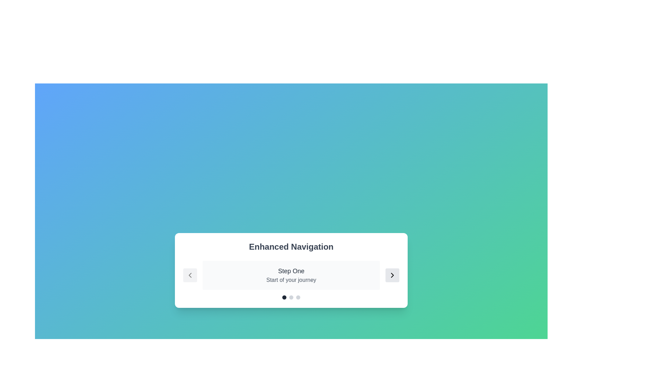  What do you see at coordinates (190, 275) in the screenshot?
I see `the left arrow button to navigate to the previous step` at bounding box center [190, 275].